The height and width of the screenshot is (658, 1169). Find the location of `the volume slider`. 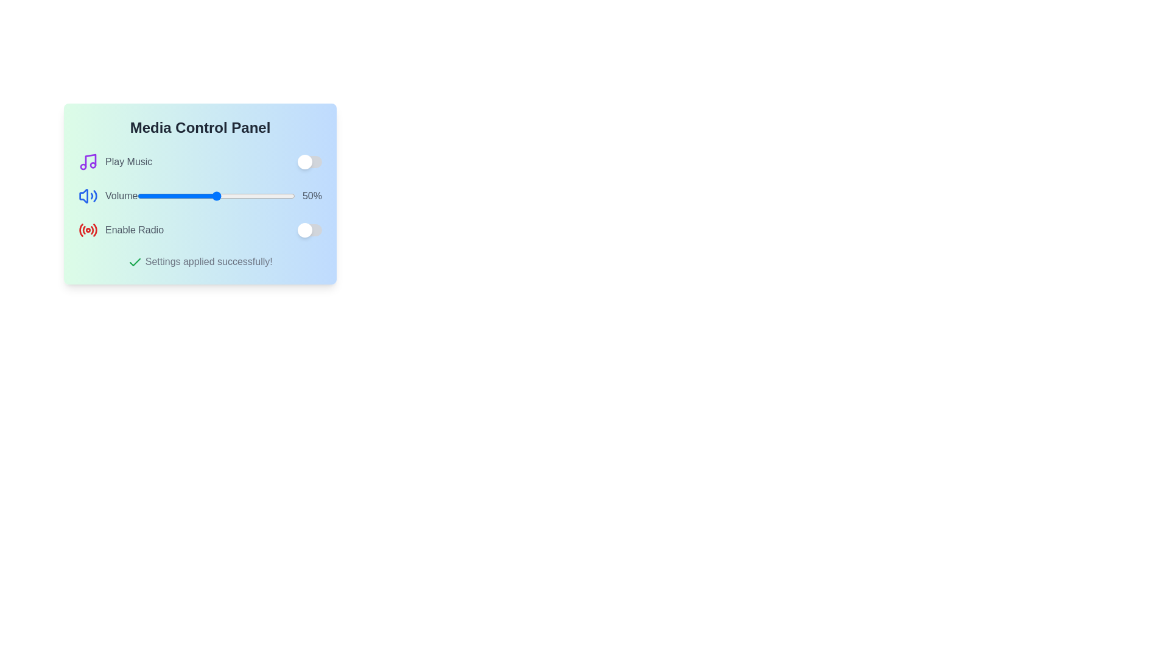

the volume slider is located at coordinates (144, 195).